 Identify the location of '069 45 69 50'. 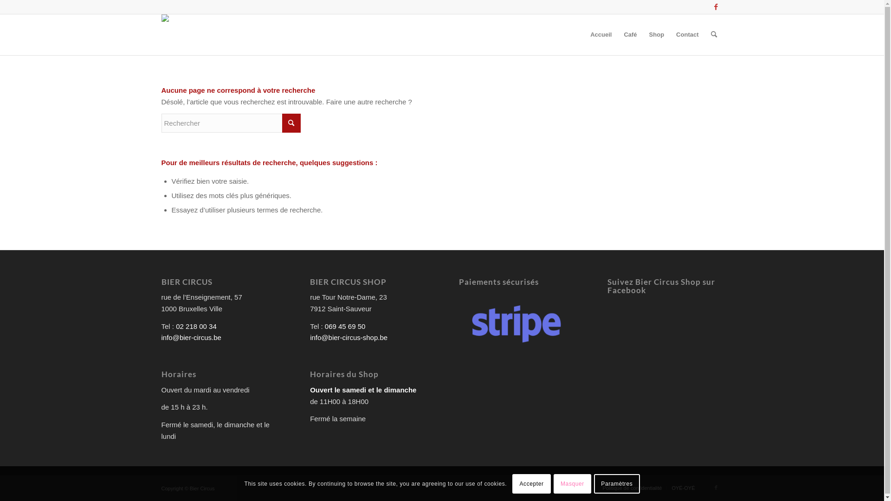
(345, 326).